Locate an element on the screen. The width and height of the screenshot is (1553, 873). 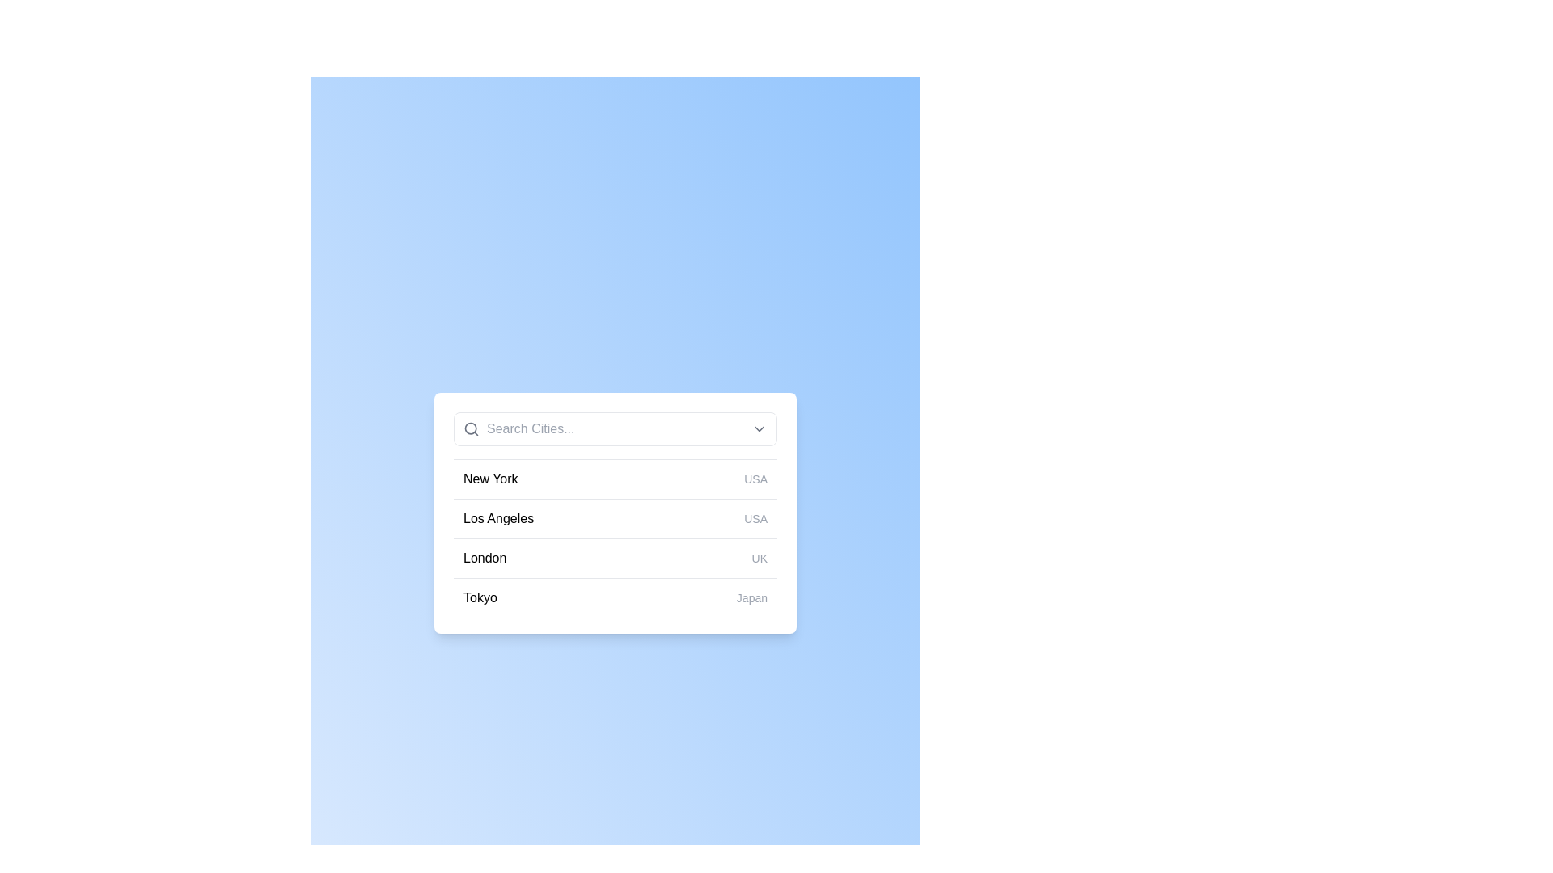
the interactive list item for 'Los Angeles, USA', which is the second row in the list of city-country pairs is located at coordinates (615, 518).